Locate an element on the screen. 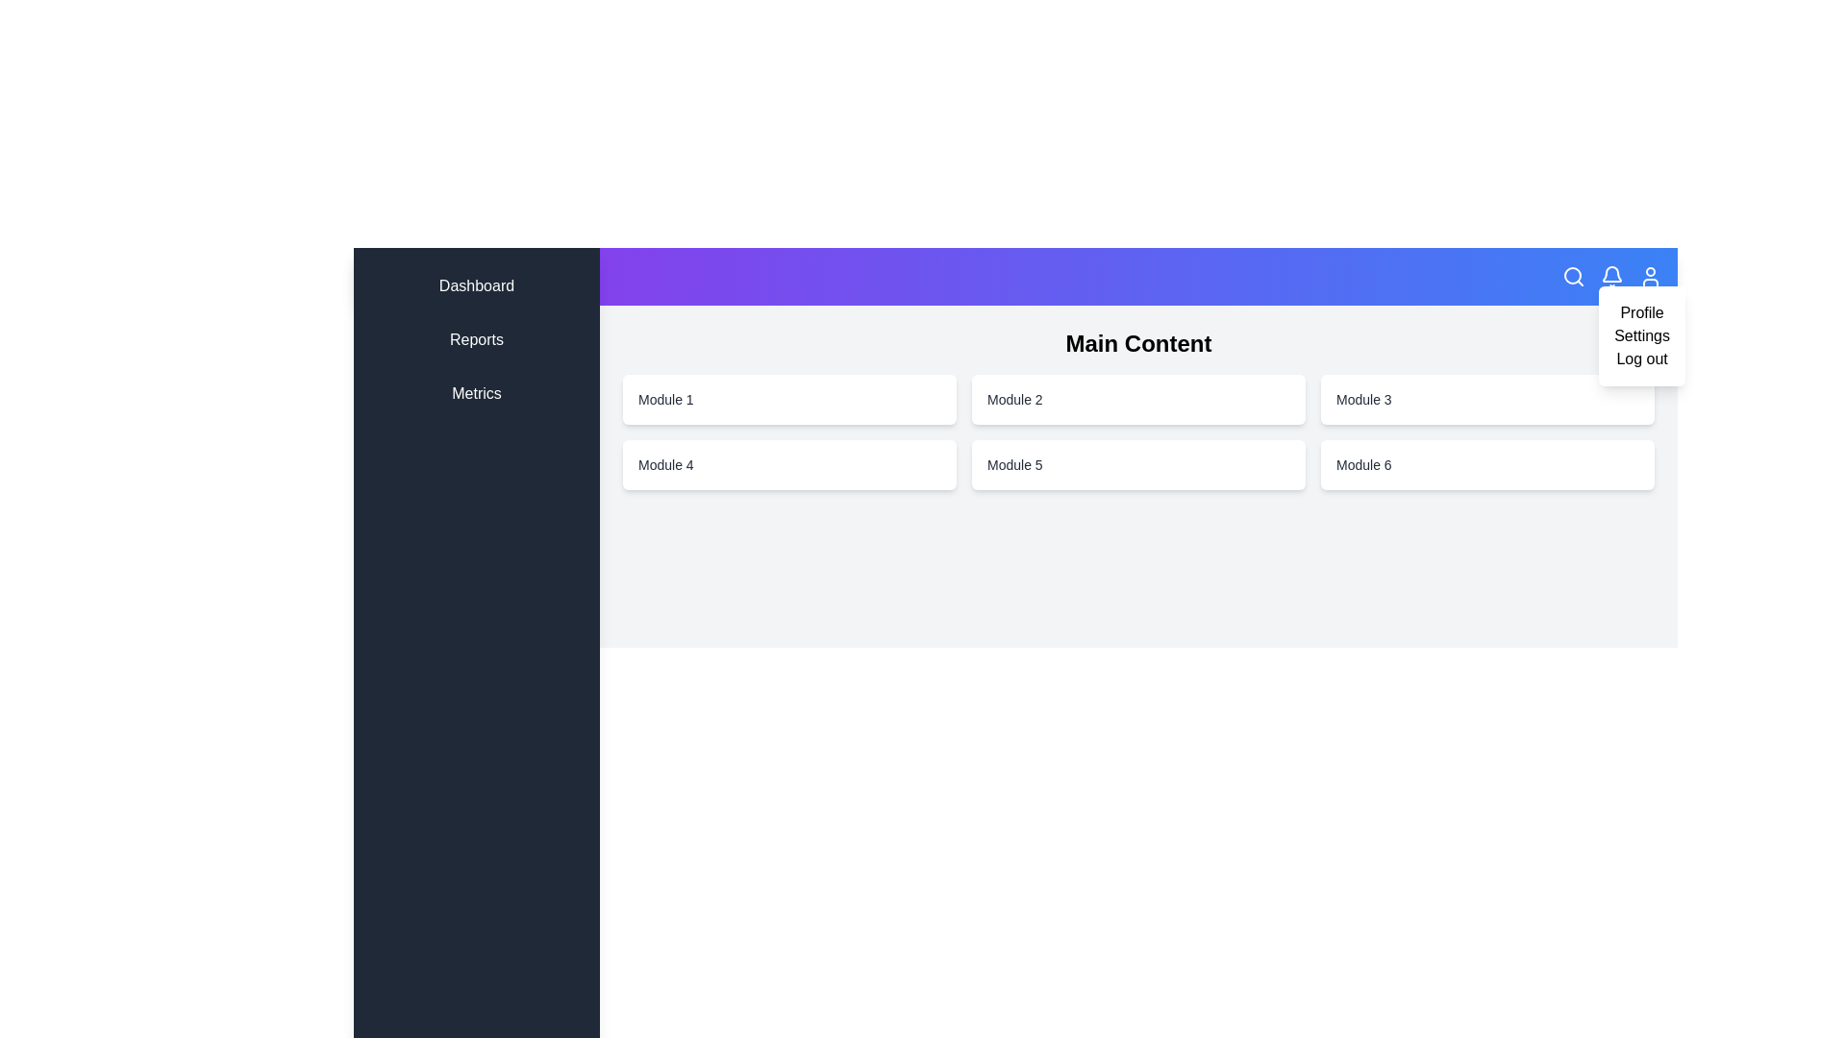  the Card element representing 'Module 3' located in the first row and third column of the grid layout is located at coordinates (1486, 399).